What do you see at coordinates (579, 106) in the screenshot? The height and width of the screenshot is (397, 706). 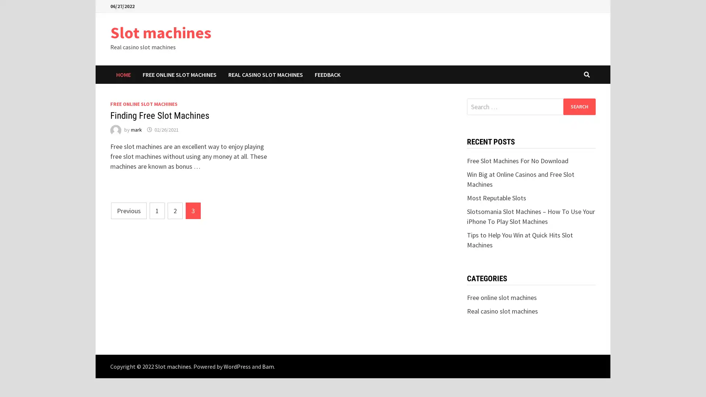 I see `Search` at bounding box center [579, 106].